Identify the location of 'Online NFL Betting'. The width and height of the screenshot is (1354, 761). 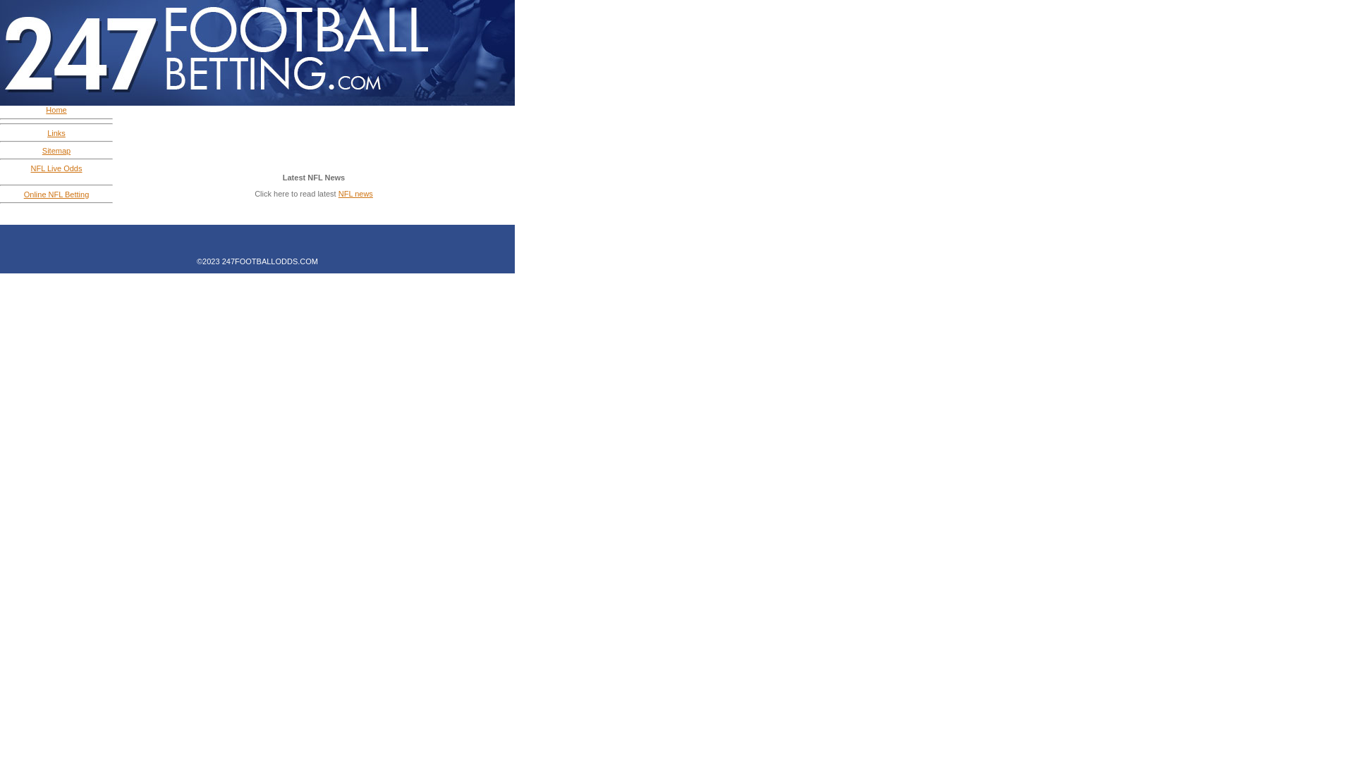
(23, 194).